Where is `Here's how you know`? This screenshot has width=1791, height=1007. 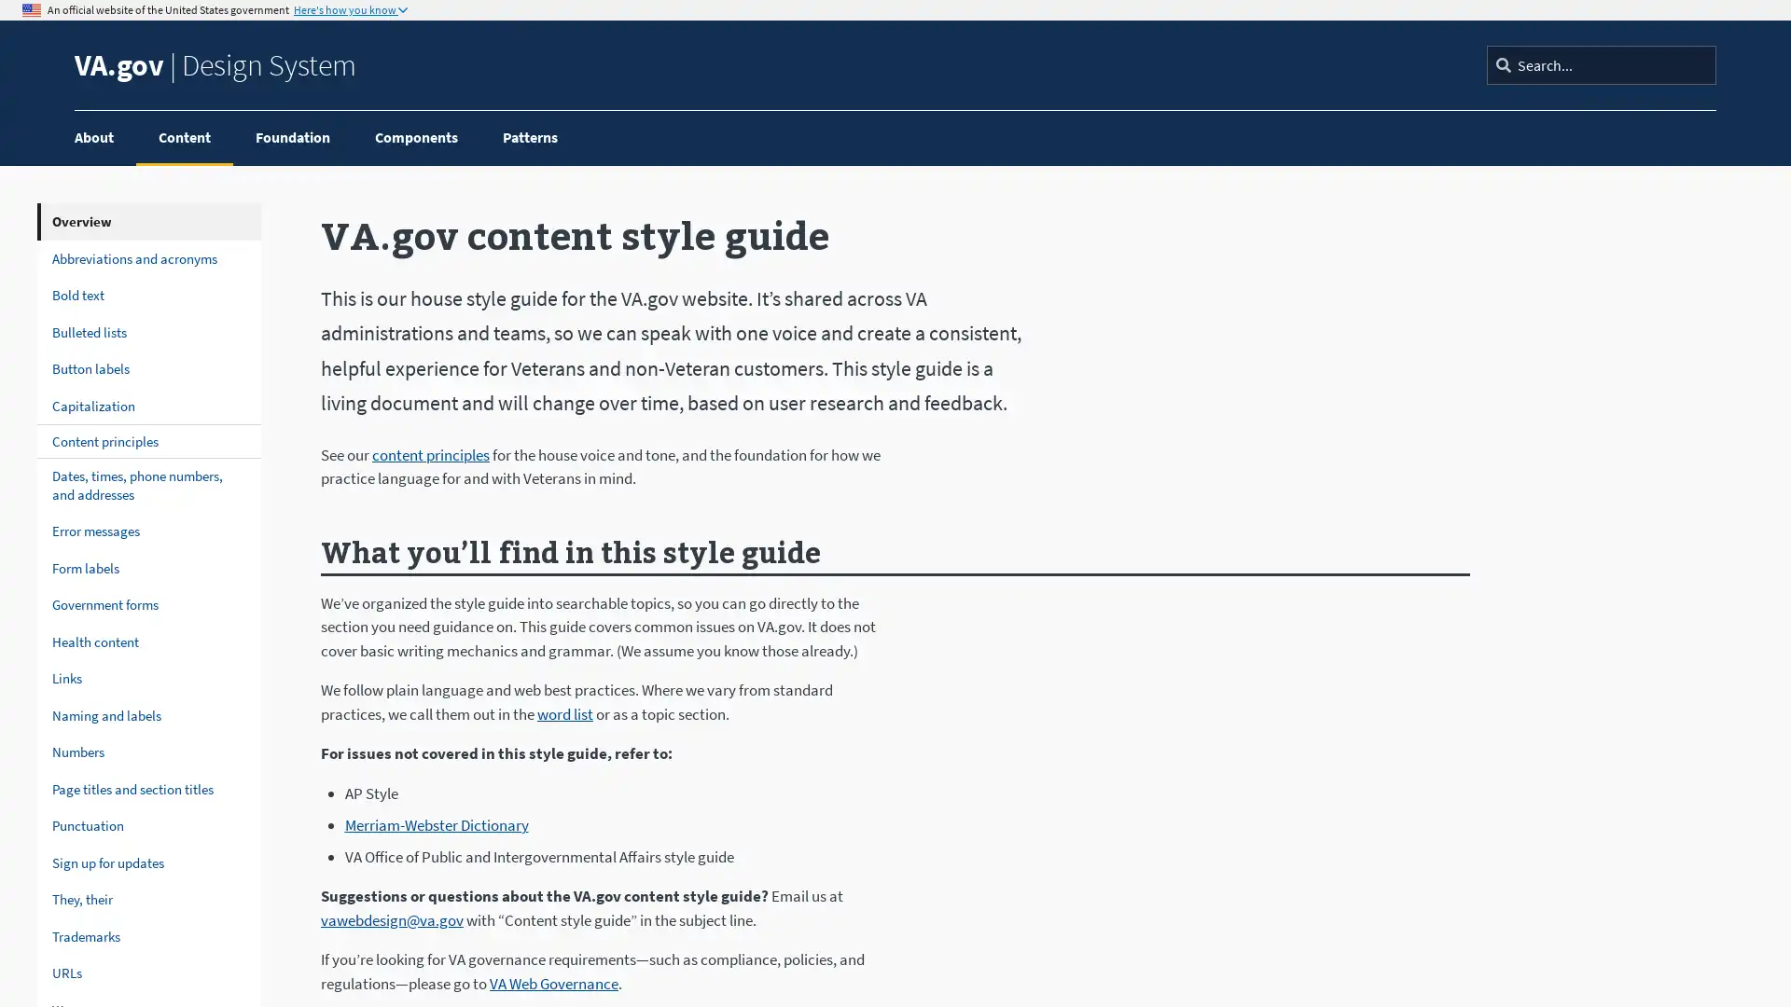
Here's how you know is located at coordinates (350, 10).